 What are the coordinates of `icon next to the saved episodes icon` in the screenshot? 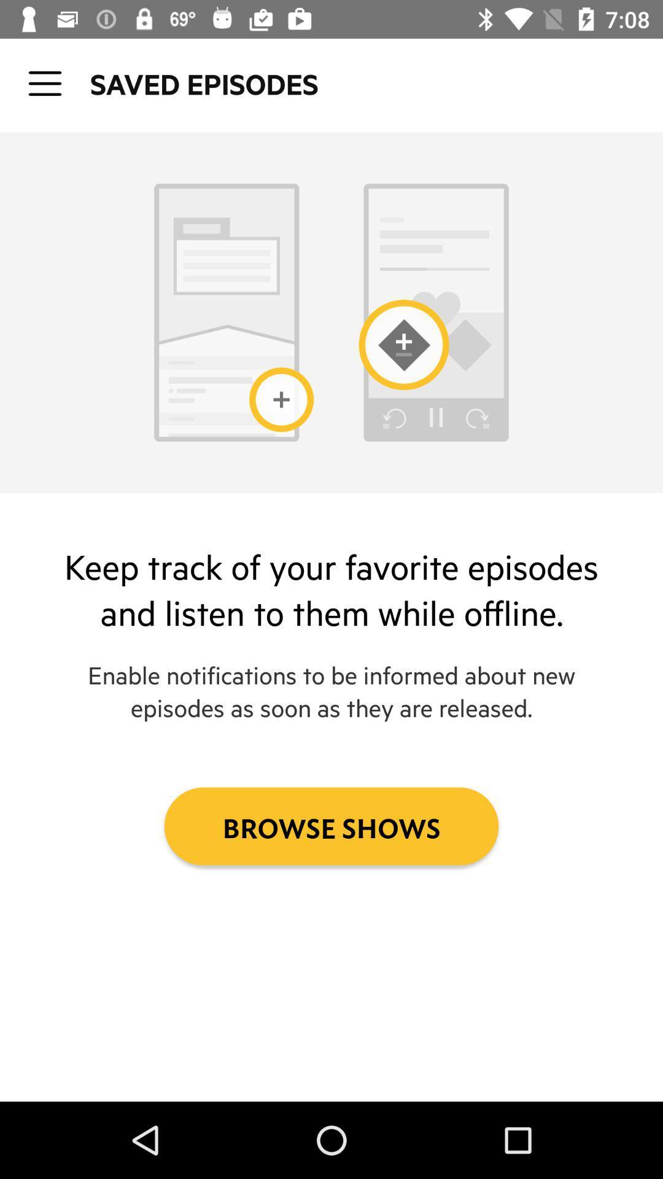 It's located at (44, 83).